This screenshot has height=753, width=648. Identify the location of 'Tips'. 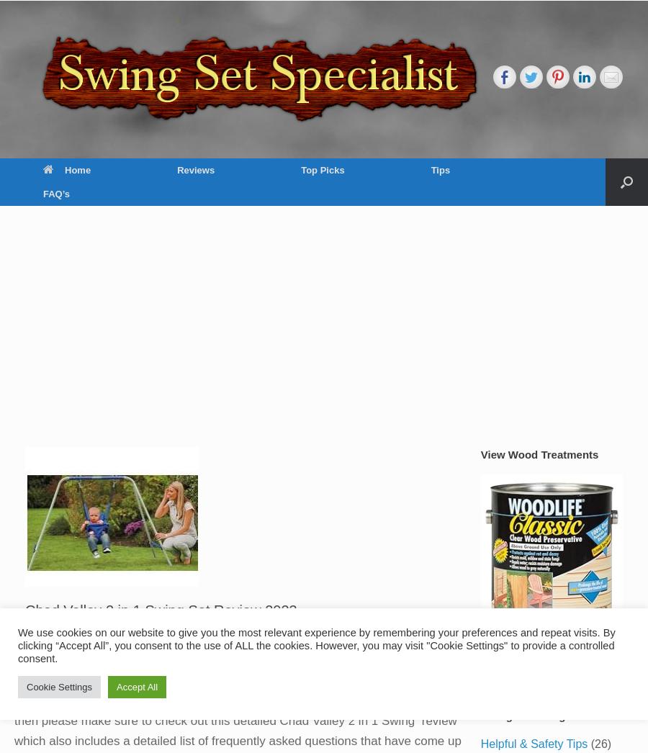
(440, 169).